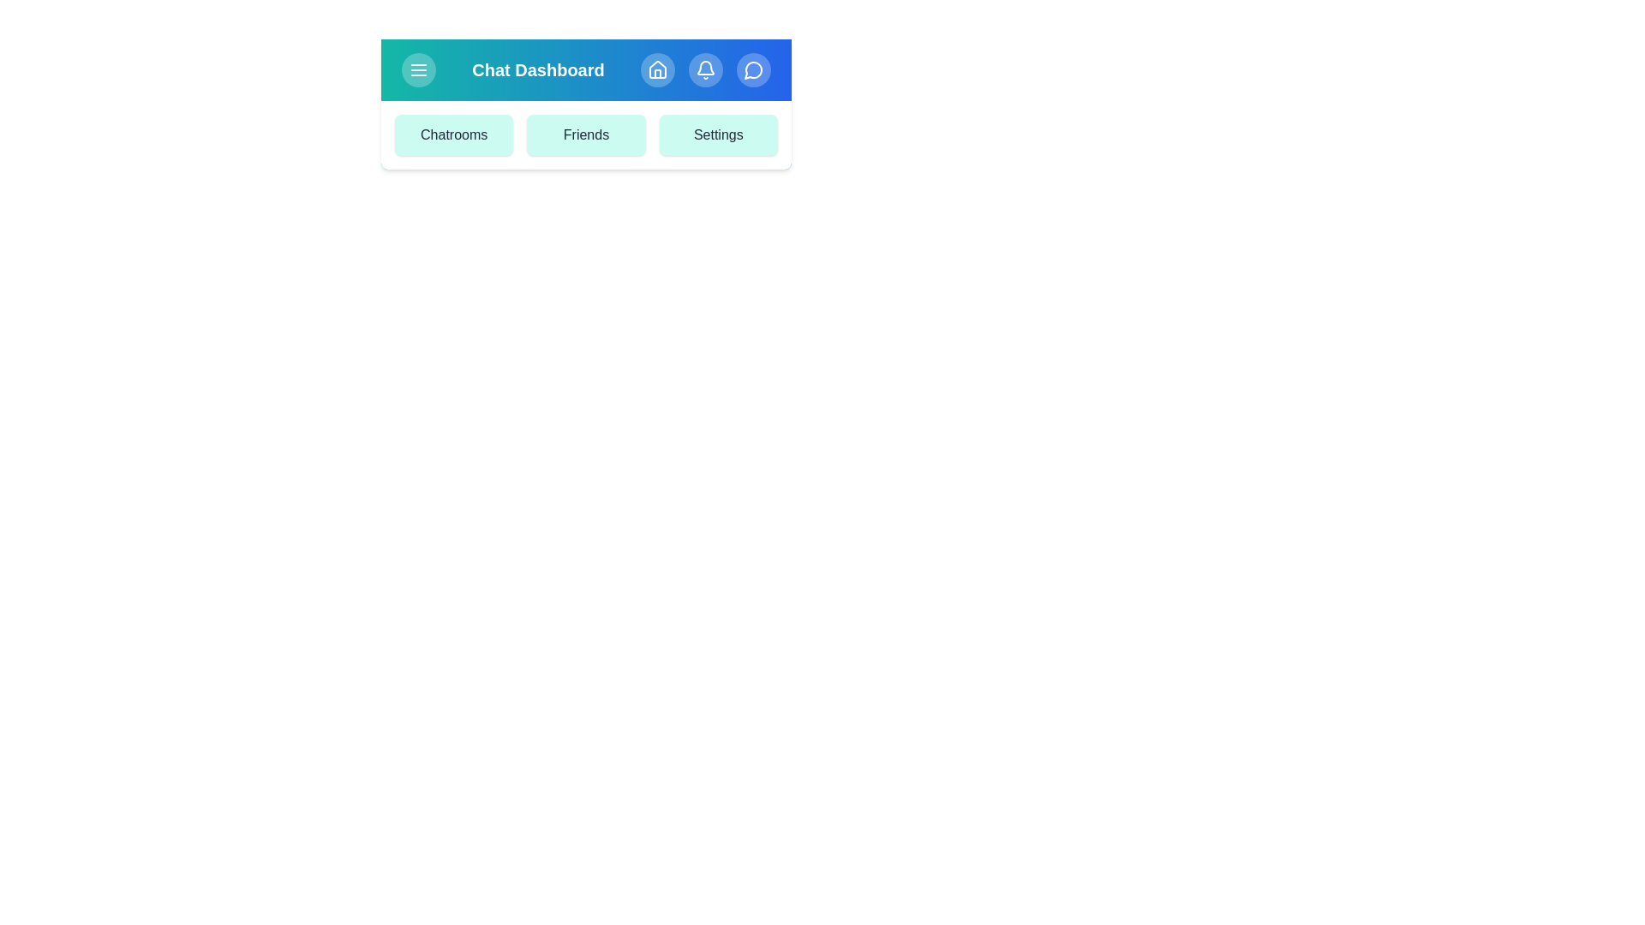 The image size is (1645, 925). I want to click on the Notifications icon in the action bar, so click(706, 69).